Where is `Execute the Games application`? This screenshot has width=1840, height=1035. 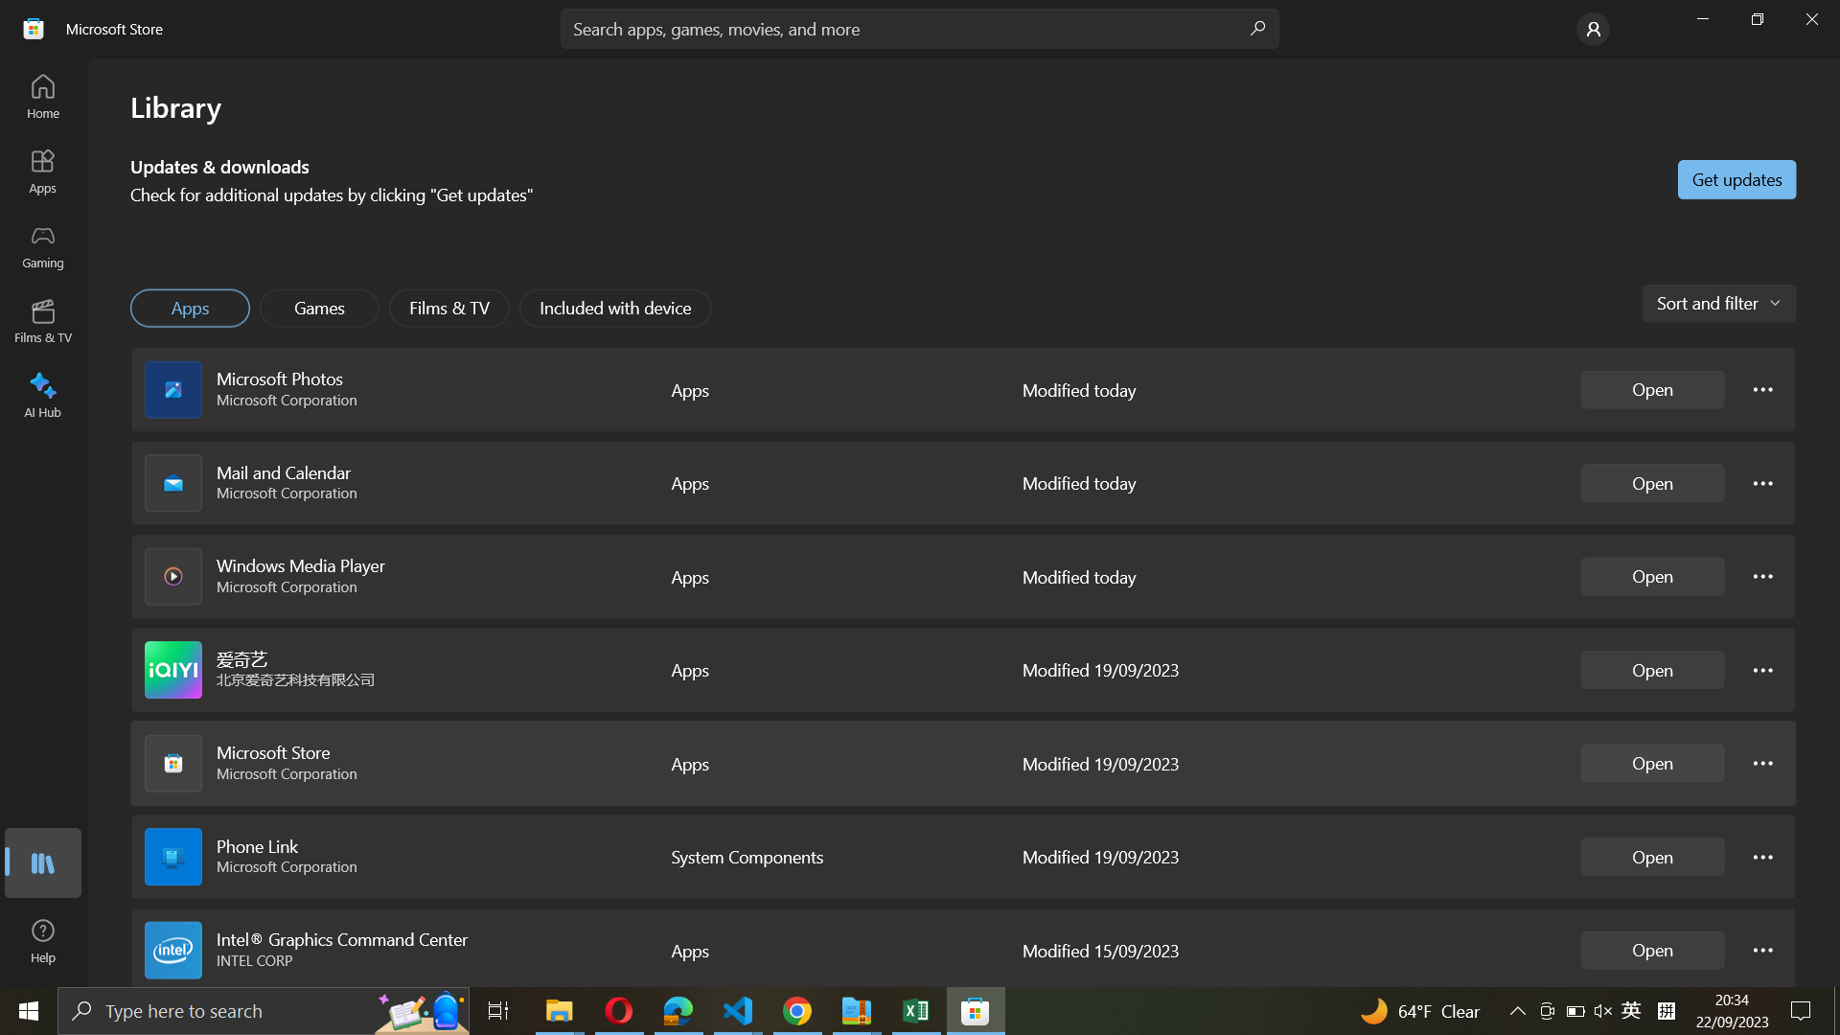 Execute the Games application is located at coordinates (320, 307).